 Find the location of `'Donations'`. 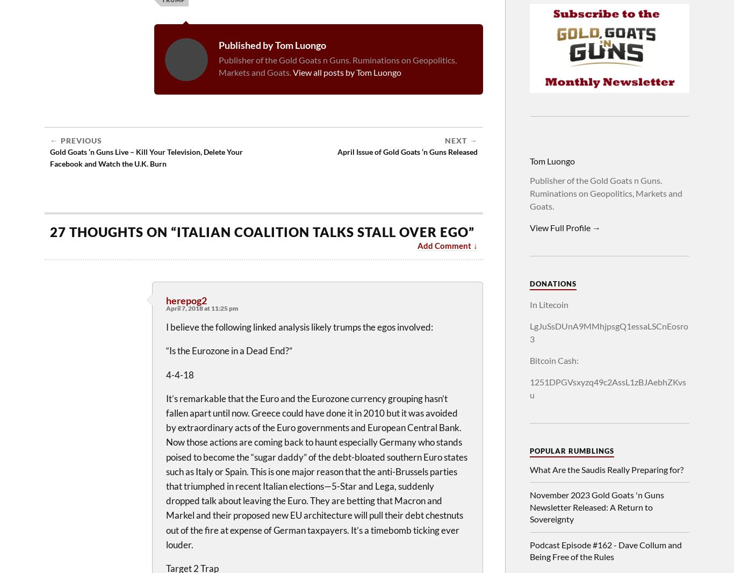

'Donations' is located at coordinates (552, 283).